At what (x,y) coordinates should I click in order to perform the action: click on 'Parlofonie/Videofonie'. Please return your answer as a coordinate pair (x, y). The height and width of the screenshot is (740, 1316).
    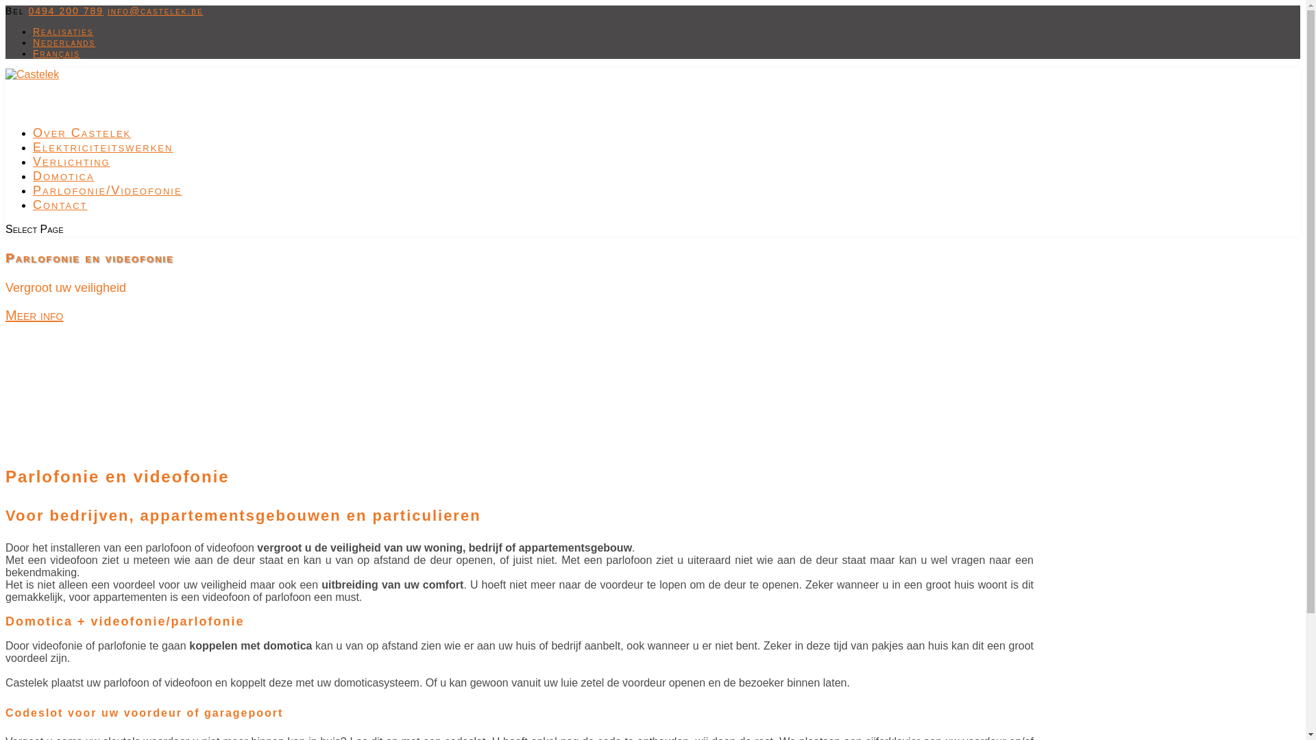
    Looking at the image, I should click on (107, 208).